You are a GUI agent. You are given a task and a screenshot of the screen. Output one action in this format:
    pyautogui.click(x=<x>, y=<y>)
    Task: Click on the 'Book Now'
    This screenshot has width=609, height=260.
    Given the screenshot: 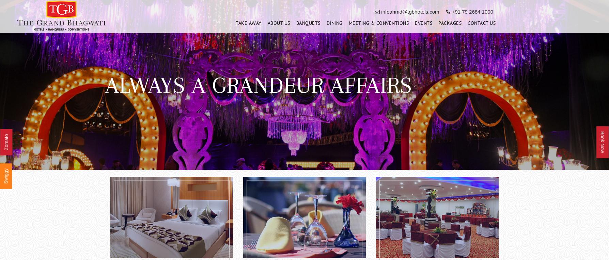 What is the action you would take?
    pyautogui.click(x=599, y=142)
    